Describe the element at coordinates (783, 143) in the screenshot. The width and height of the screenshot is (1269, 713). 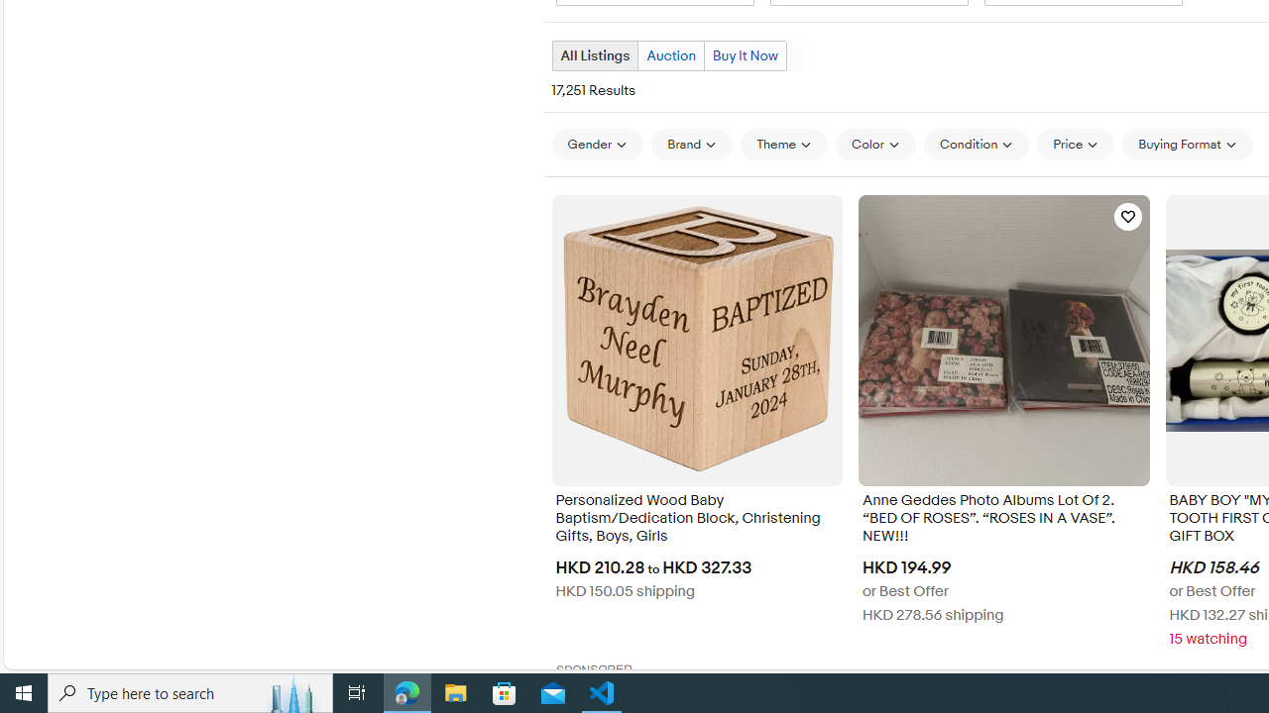
I see `'Theme'` at that location.